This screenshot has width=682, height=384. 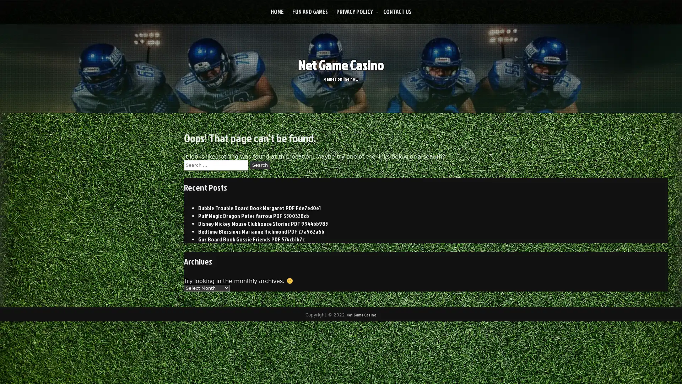 I want to click on Search, so click(x=259, y=165).